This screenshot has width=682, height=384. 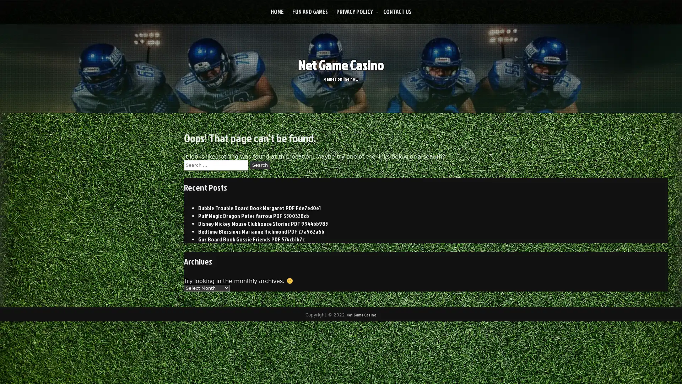 I want to click on Search, so click(x=259, y=165).